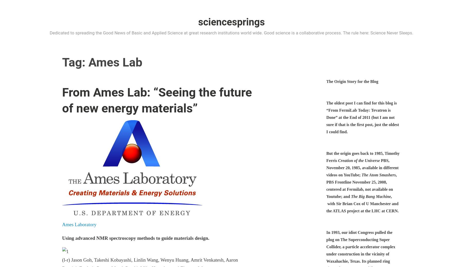 The height and width of the screenshot is (267, 463). Describe the element at coordinates (75, 62) in the screenshot. I see `'Tag:'` at that location.